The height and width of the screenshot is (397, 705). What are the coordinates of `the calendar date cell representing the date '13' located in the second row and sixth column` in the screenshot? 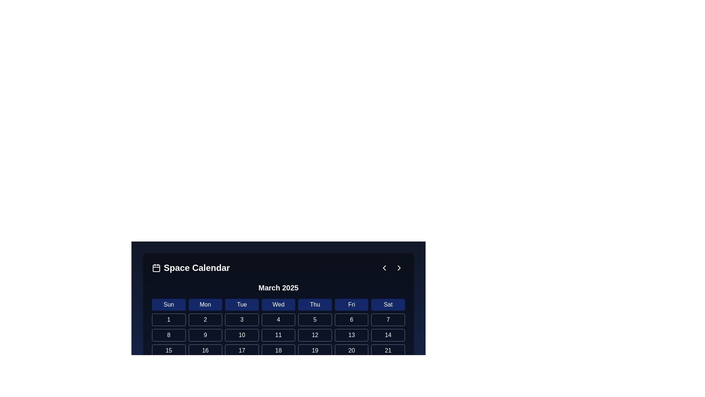 It's located at (351, 335).